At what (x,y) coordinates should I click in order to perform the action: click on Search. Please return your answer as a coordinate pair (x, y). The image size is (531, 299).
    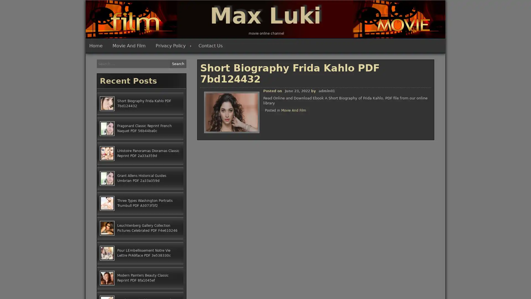
    Looking at the image, I should click on (178, 63).